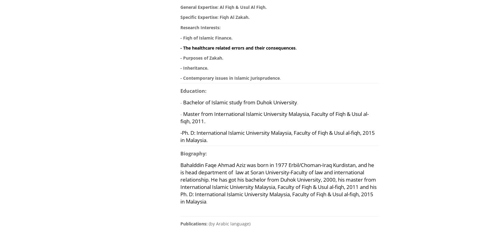 The height and width of the screenshot is (240, 504). What do you see at coordinates (180, 27) in the screenshot?
I see `'Research
Interests:'` at bounding box center [180, 27].